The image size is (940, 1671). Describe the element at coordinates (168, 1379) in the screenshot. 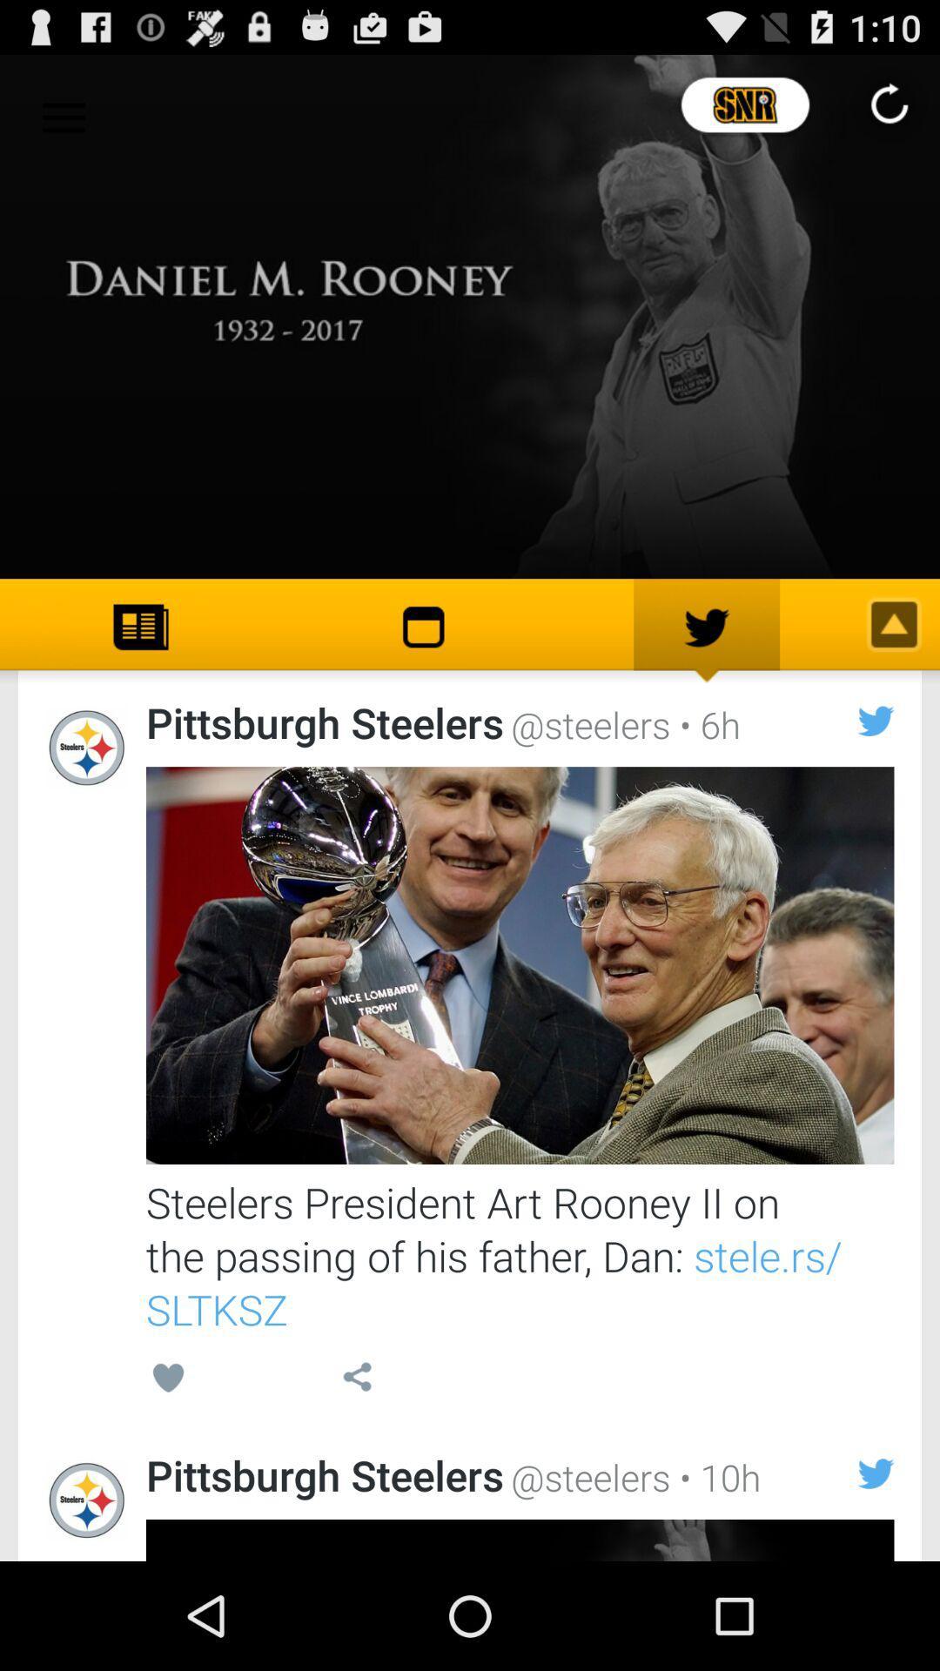

I see `icon above the pittsburgh steelers item` at that location.